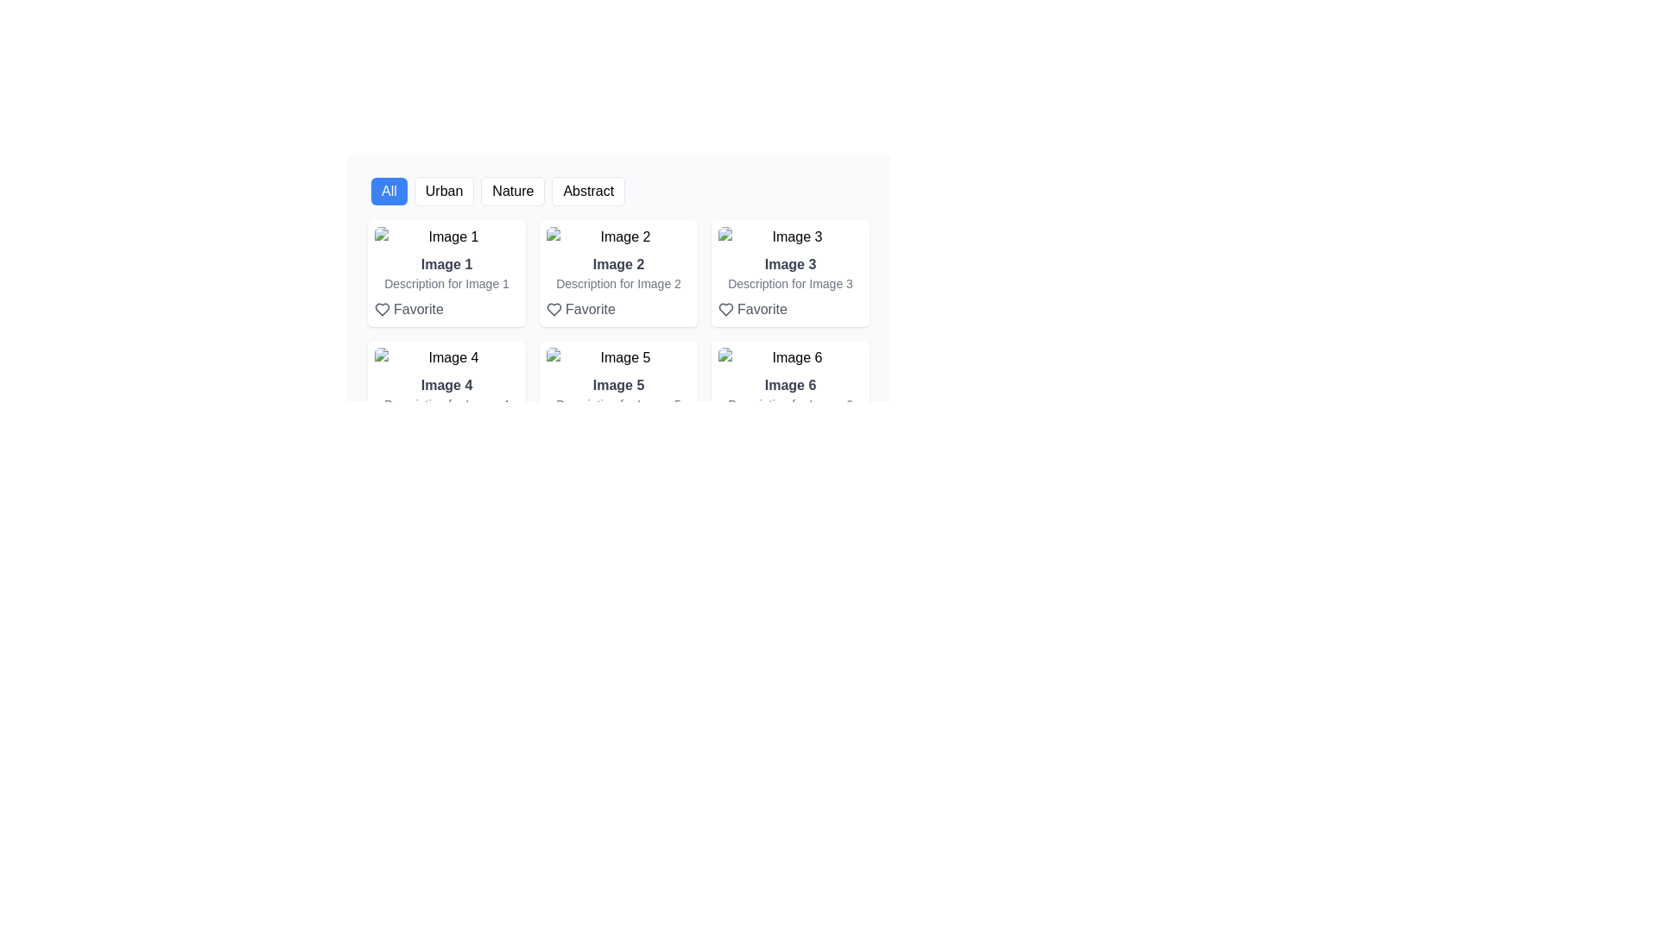 This screenshot has height=932, width=1658. I want to click on the 'Favorite' label text associated with 'Image 2', which is located to the right of a heart-shaped icon in a card layout, so click(590, 308).